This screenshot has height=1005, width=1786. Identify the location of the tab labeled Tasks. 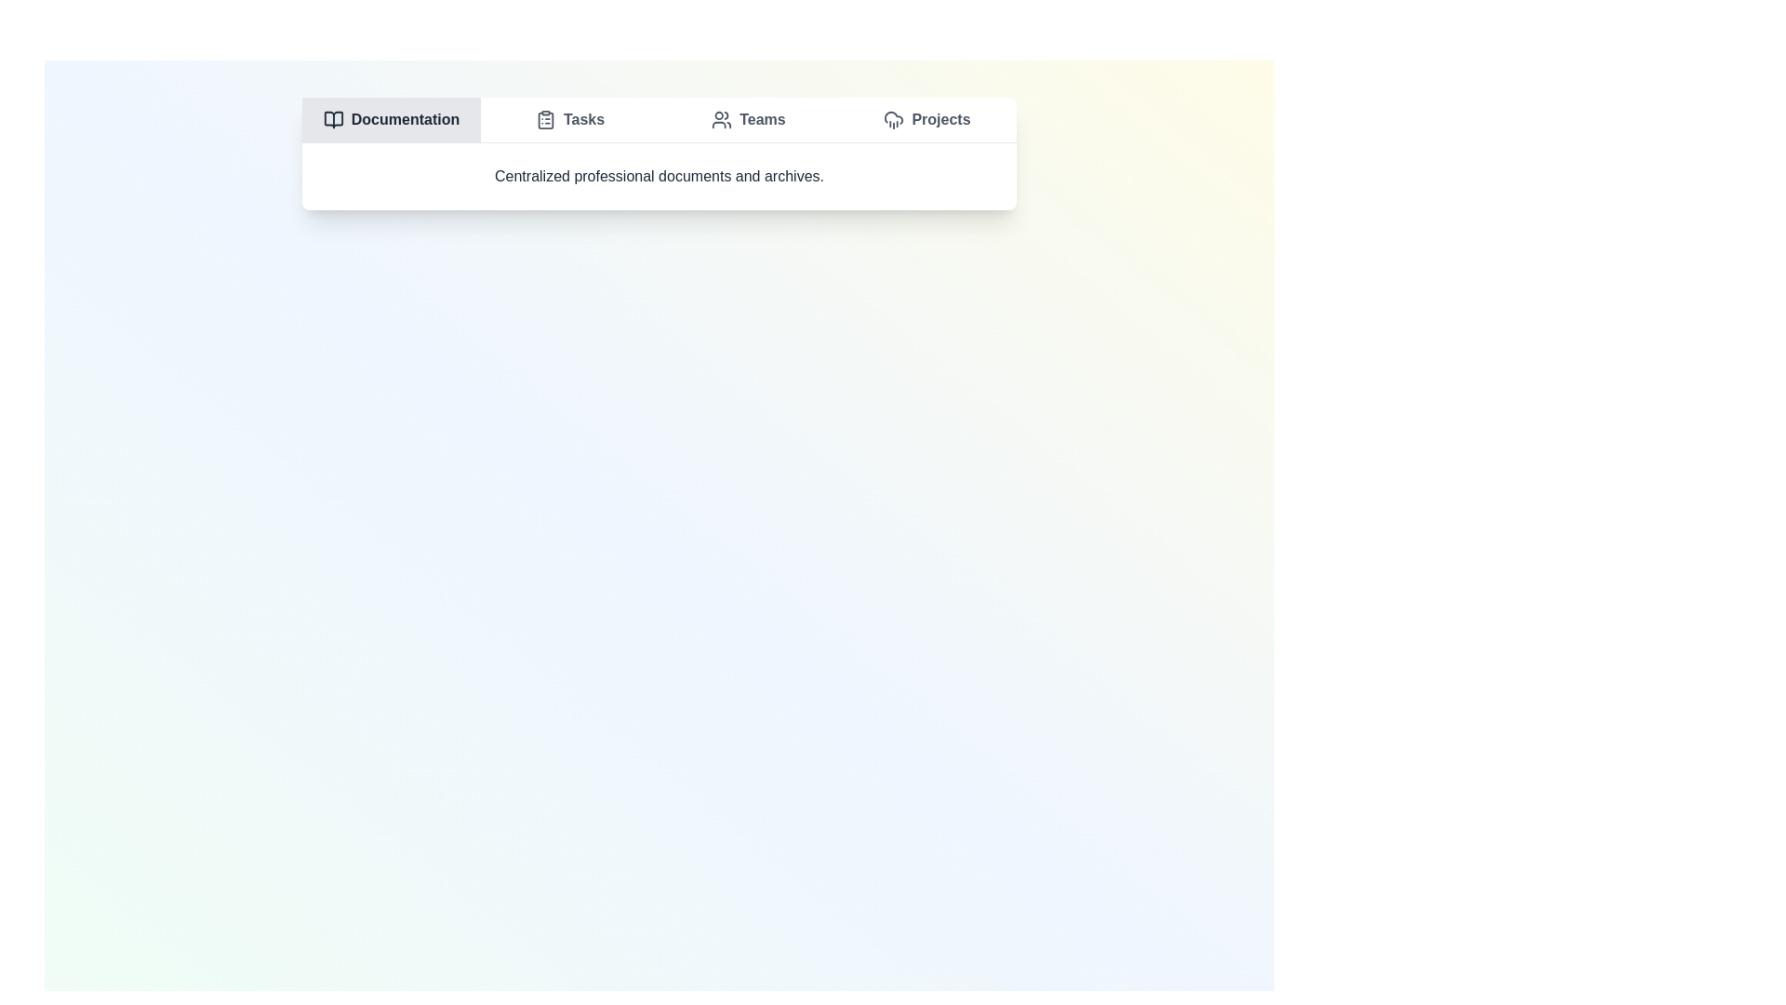
(569, 119).